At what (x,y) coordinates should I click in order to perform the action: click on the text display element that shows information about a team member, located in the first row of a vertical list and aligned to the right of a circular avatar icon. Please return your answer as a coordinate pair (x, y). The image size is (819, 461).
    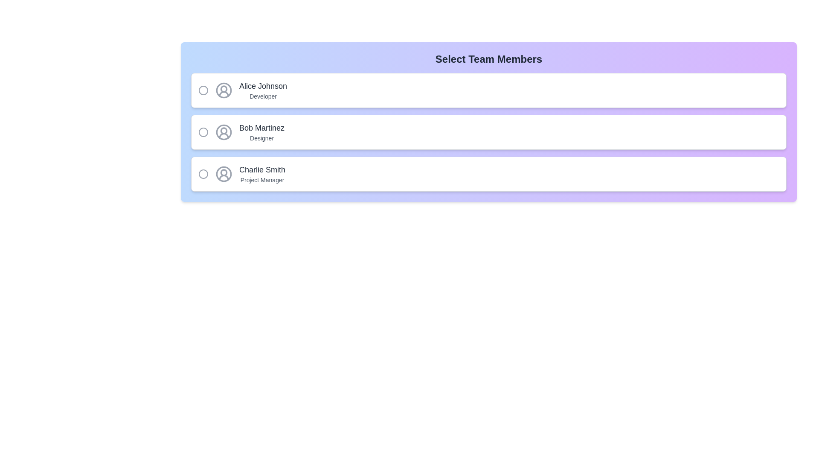
    Looking at the image, I should click on (263, 90).